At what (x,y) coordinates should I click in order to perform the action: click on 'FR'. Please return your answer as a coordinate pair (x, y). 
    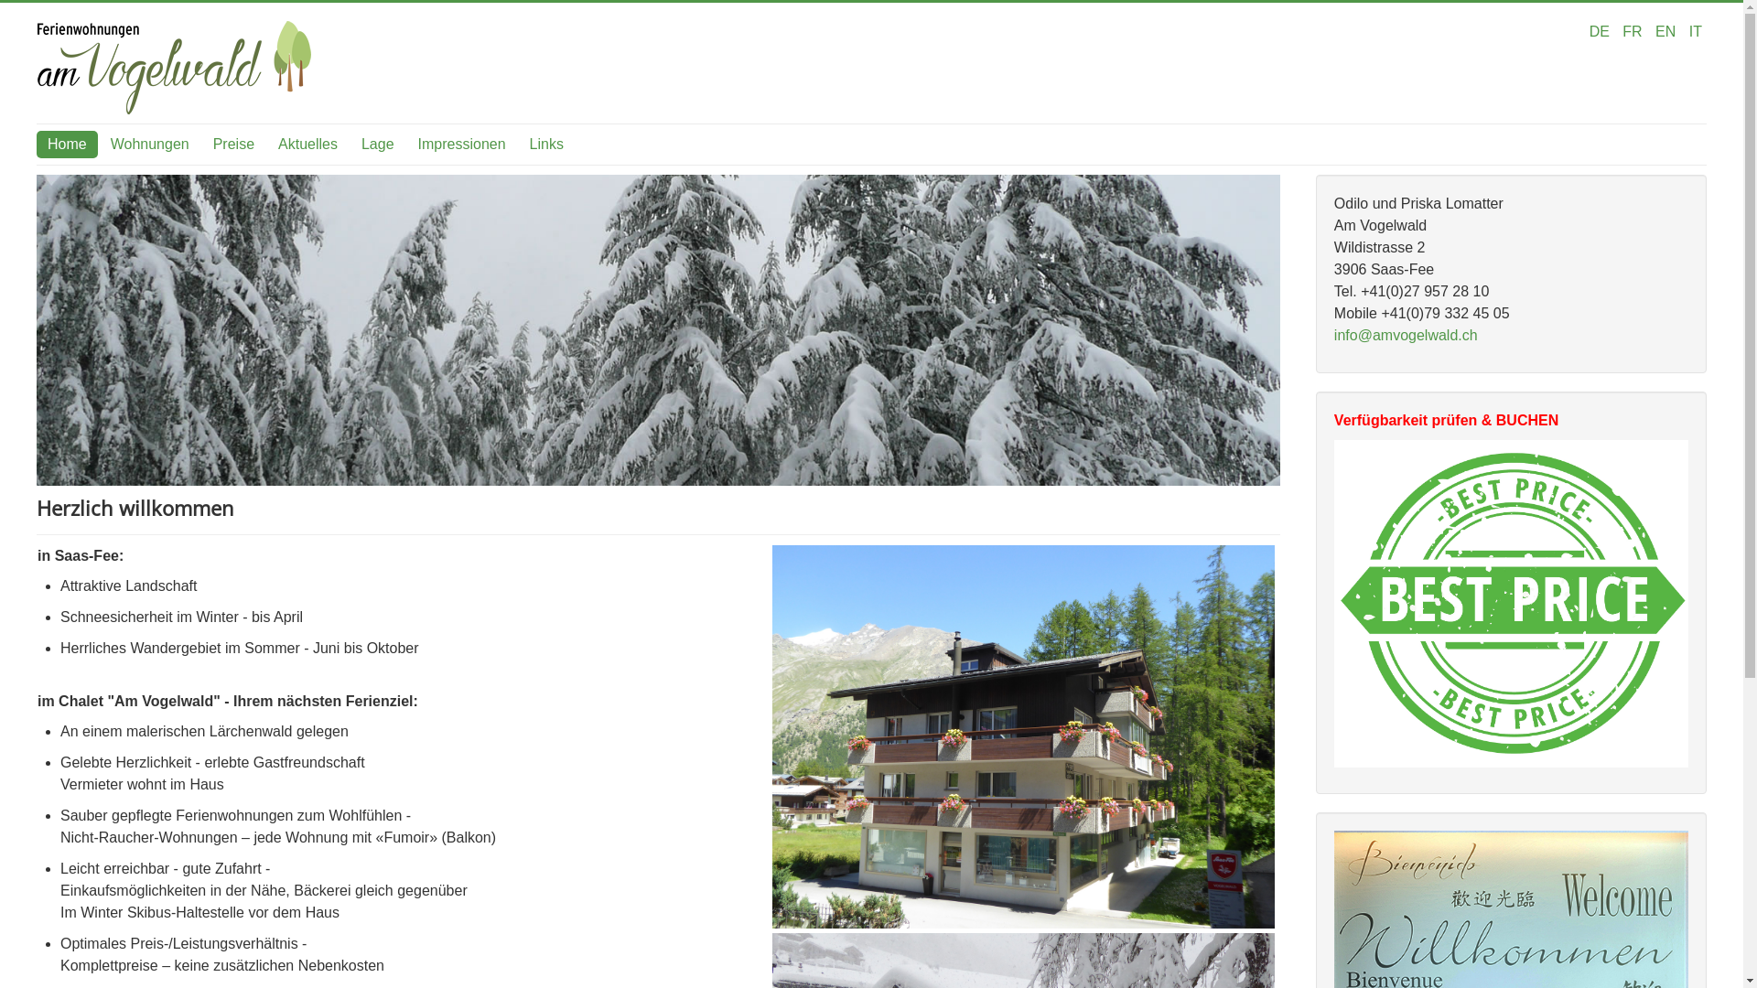
    Looking at the image, I should click on (1633, 31).